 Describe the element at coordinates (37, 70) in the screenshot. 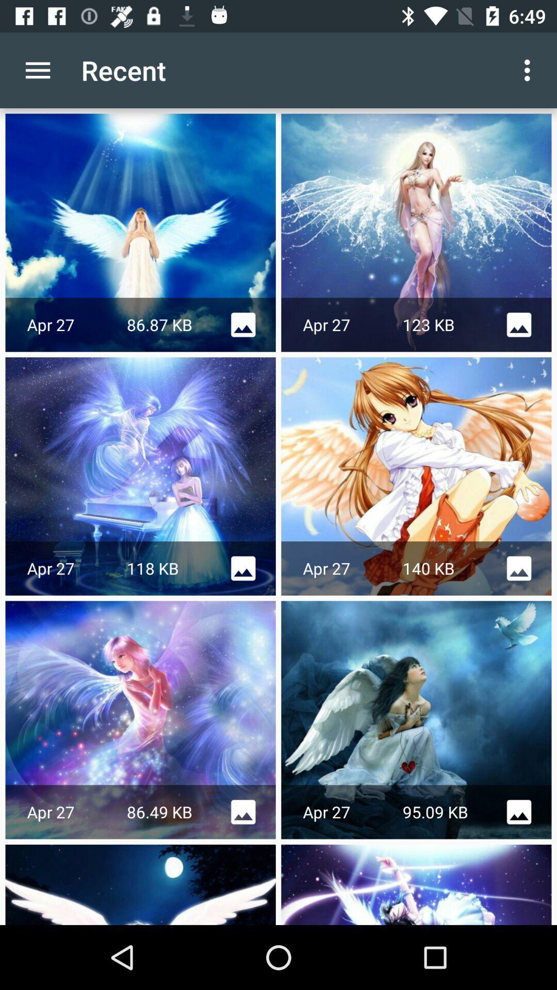

I see `item to the left of the recent item` at that location.